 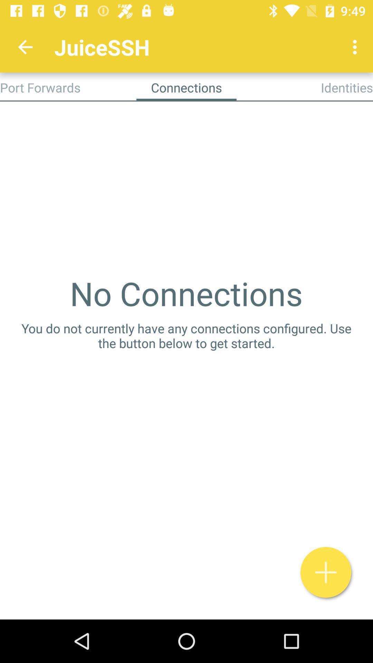 What do you see at coordinates (326, 572) in the screenshot?
I see `connection` at bounding box center [326, 572].